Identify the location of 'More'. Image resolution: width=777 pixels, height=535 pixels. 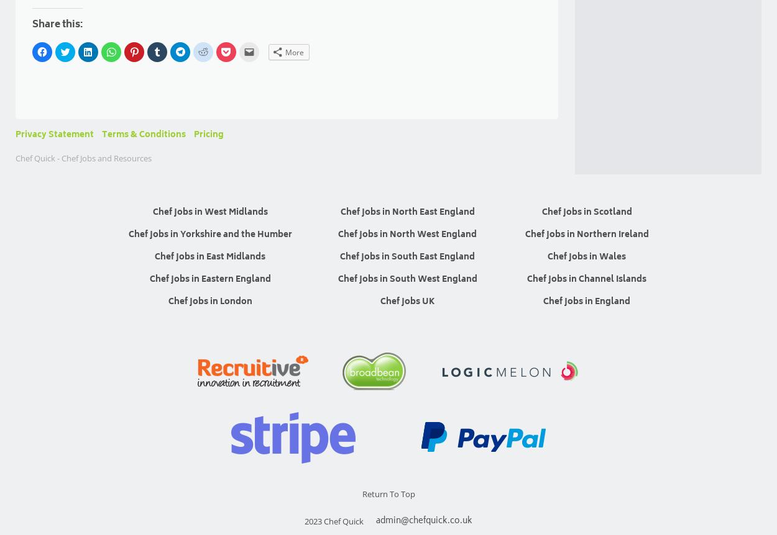
(294, 51).